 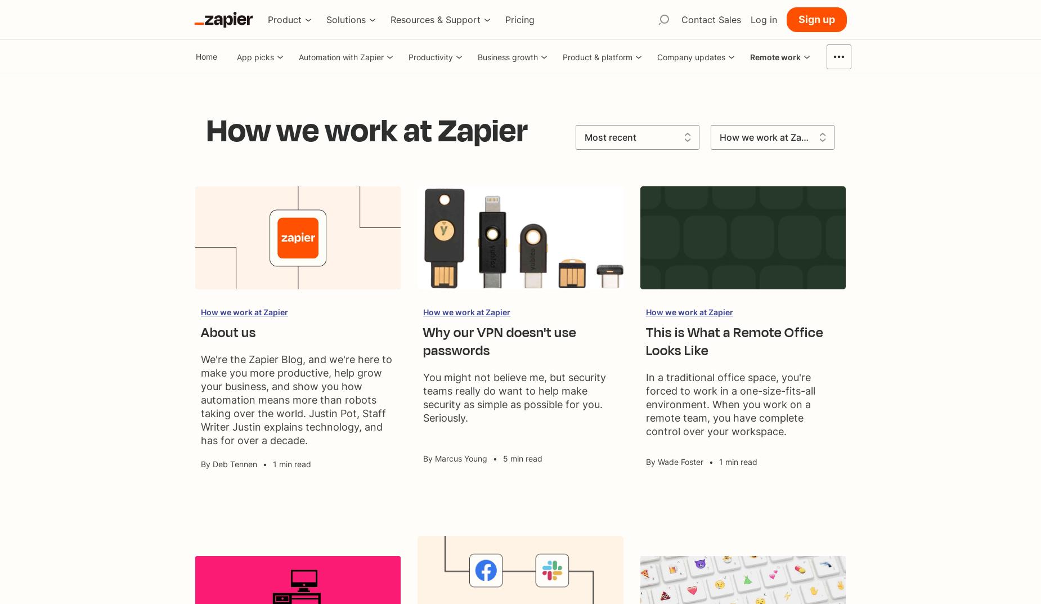 What do you see at coordinates (345, 19) in the screenshot?
I see `'Solutions'` at bounding box center [345, 19].